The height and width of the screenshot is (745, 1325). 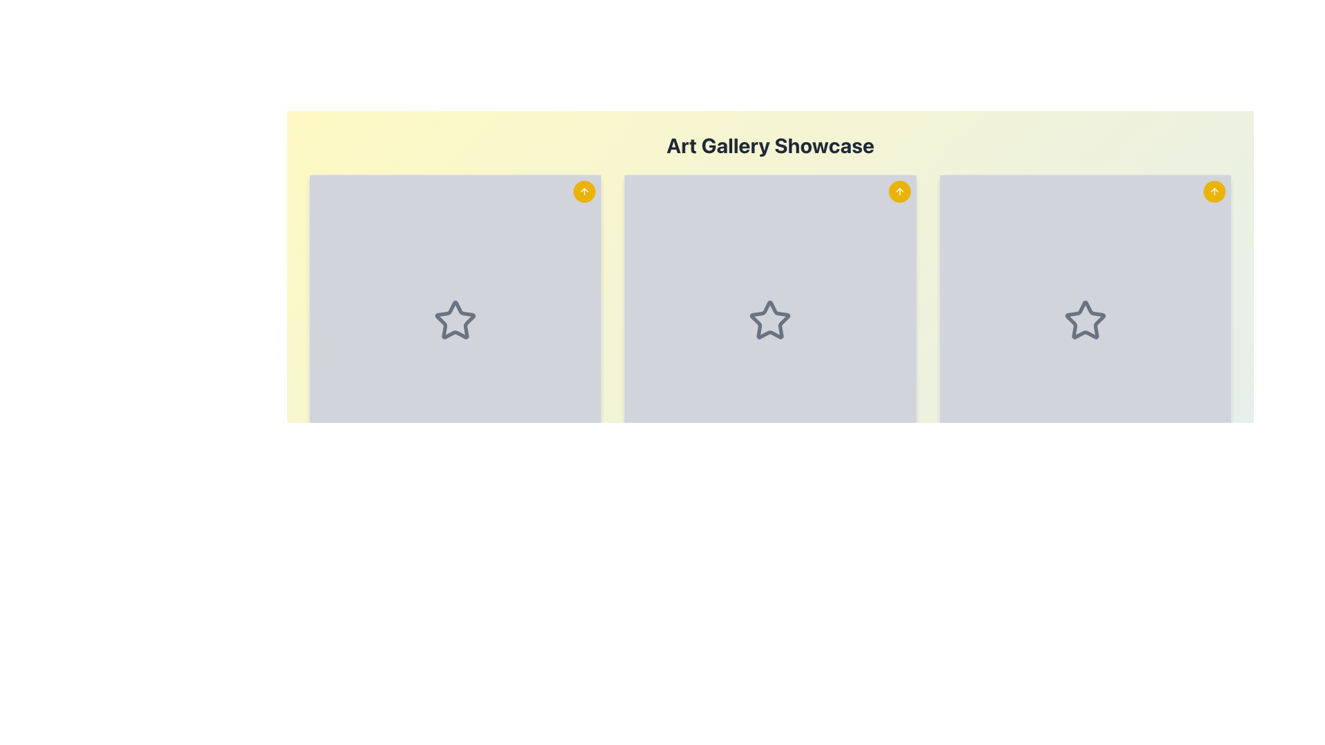 What do you see at coordinates (1084, 321) in the screenshot?
I see `the star icon with a dark gray color, which is the third star icon in a row of three similar icons, each set within a square gray background` at bounding box center [1084, 321].